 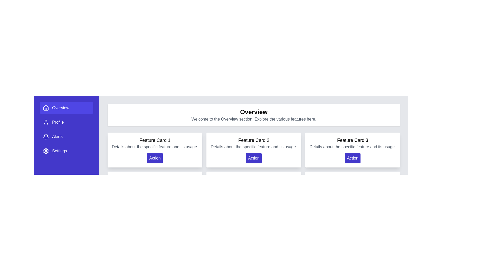 What do you see at coordinates (57, 136) in the screenshot?
I see `the 'Alerts' text label element, which is styled with a bold font and is located in the vertical navigation bar on the left side of the interface, adjacent to a bell-shaped icon` at bounding box center [57, 136].